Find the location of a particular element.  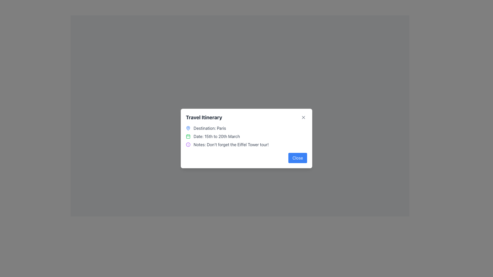

the close button located at the top-right corner of the 'Travel Itinerary' dialog box is located at coordinates (303, 117).